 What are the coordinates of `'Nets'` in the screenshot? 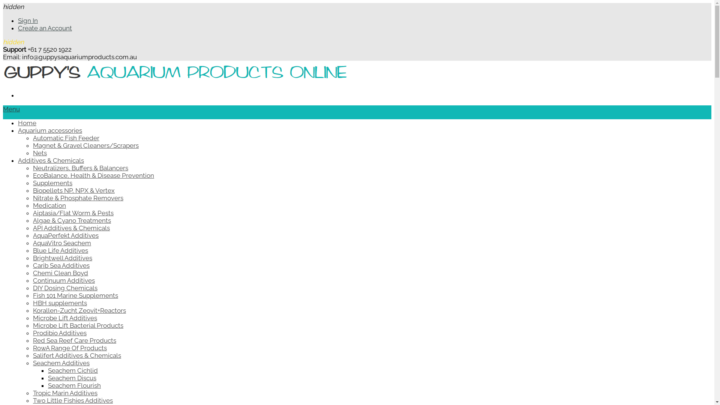 It's located at (39, 153).